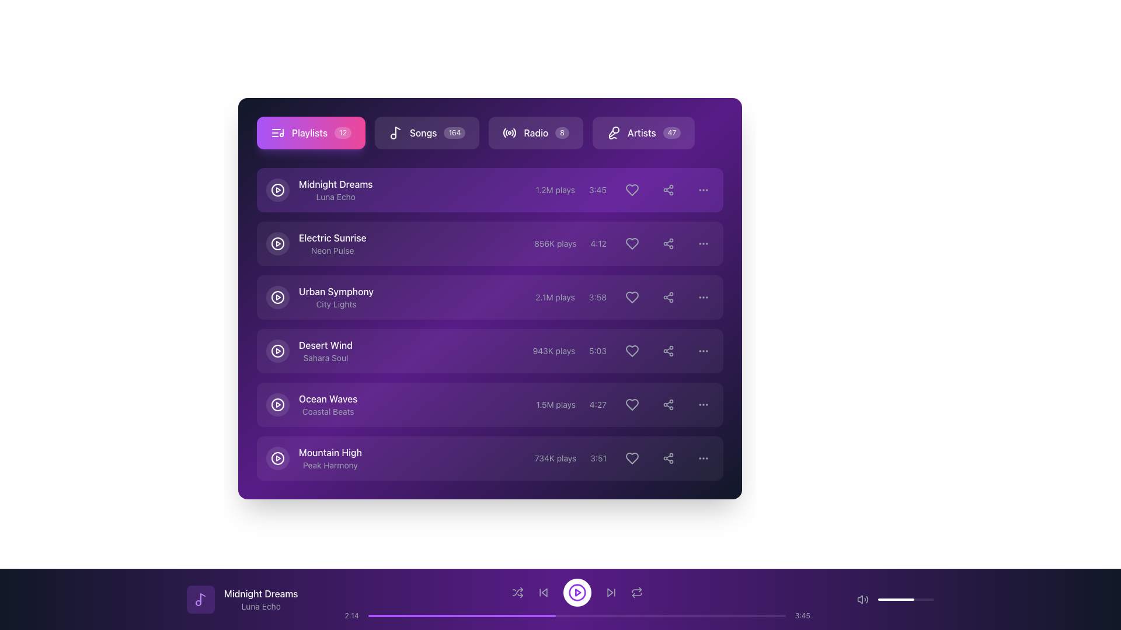  I want to click on the outlined heart-shaped icon button located in the third row of the item list to favorite the item, so click(632, 296).